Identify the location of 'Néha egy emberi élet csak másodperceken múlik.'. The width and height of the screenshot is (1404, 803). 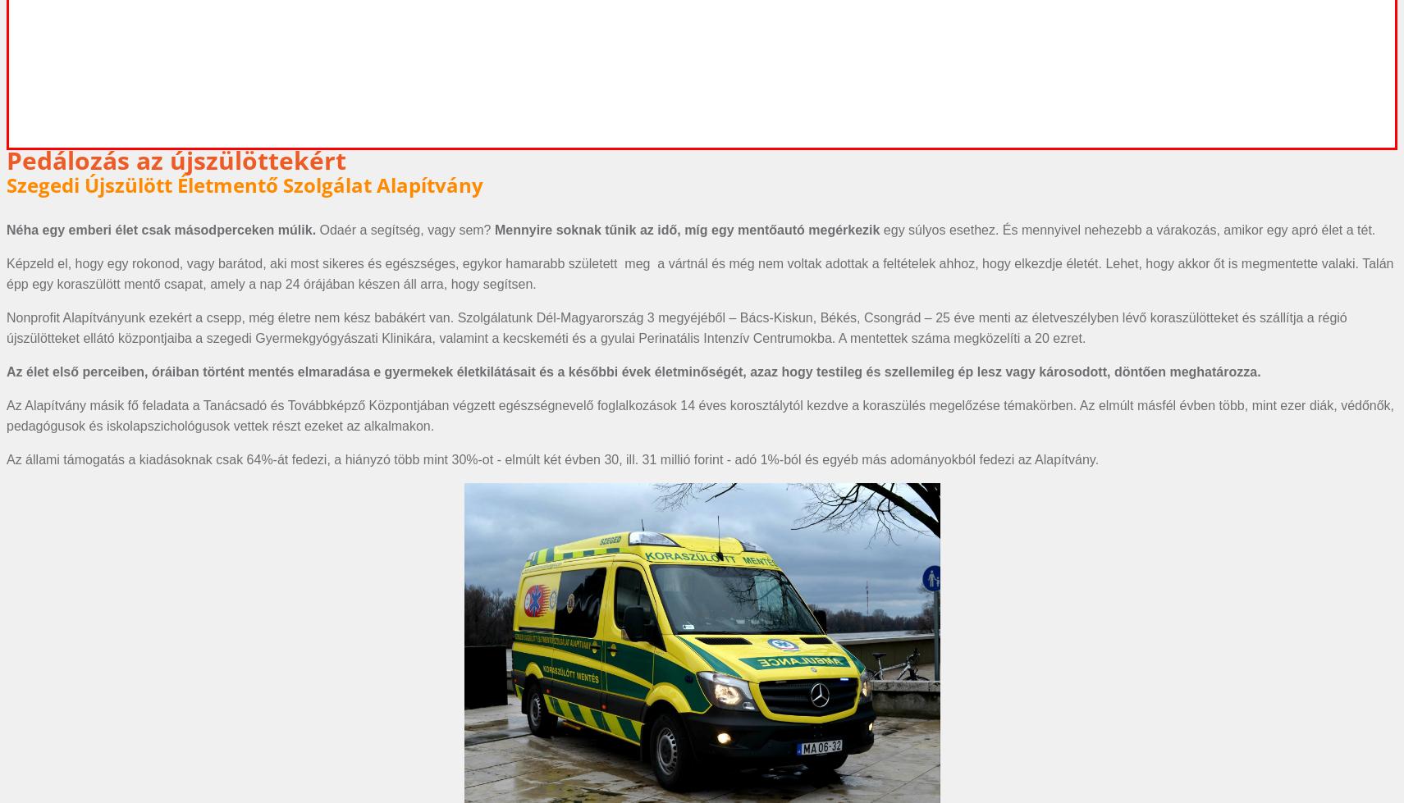
(162, 229).